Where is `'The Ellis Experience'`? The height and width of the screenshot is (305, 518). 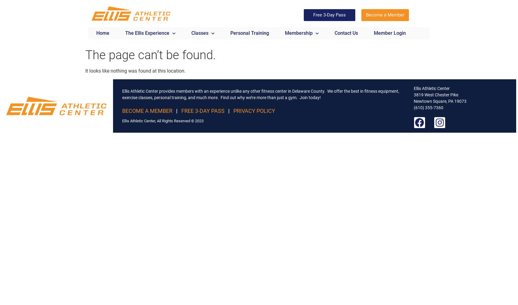 'The Ellis Experience' is located at coordinates (147, 33).